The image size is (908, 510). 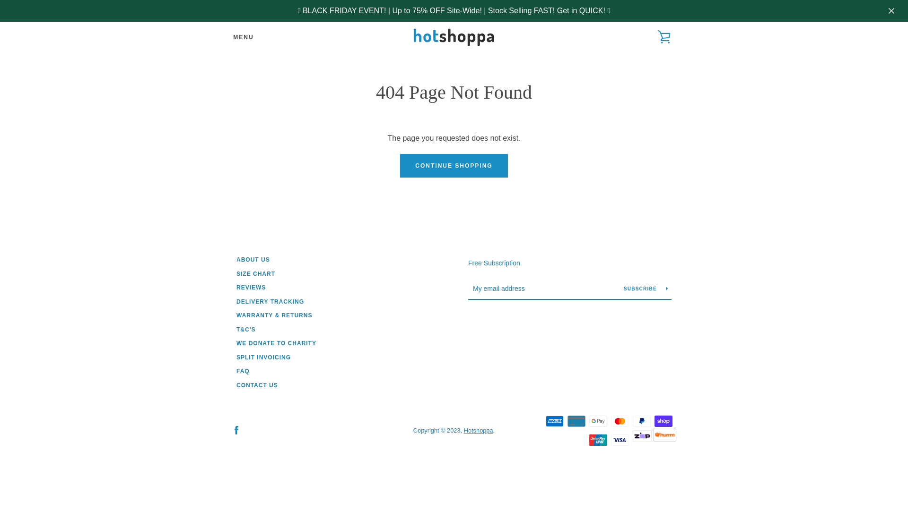 I want to click on 'SUBSCRIBE', so click(x=620, y=288).